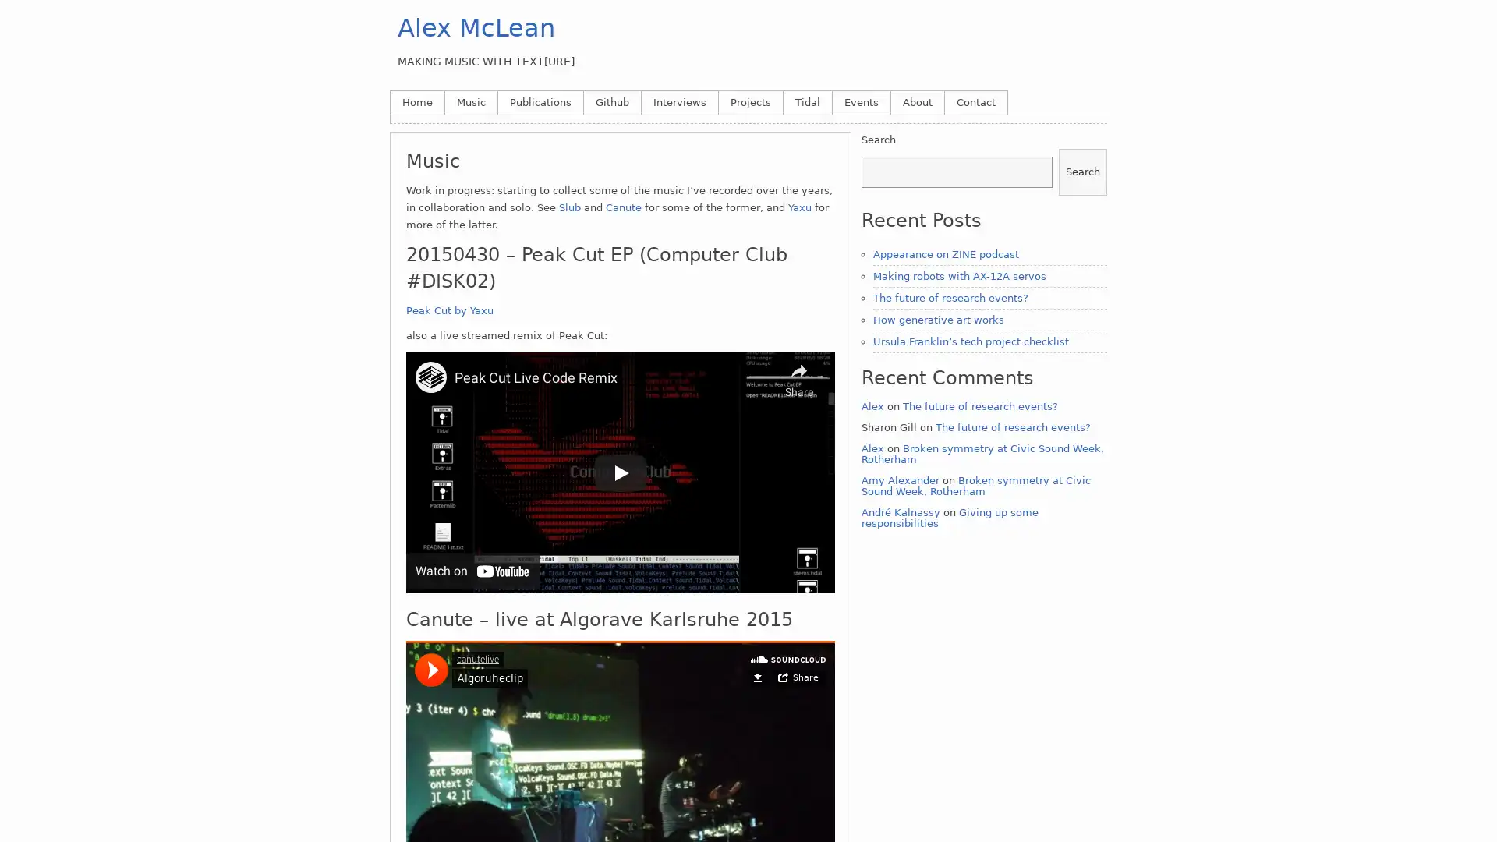  What do you see at coordinates (1081, 172) in the screenshot?
I see `Search` at bounding box center [1081, 172].